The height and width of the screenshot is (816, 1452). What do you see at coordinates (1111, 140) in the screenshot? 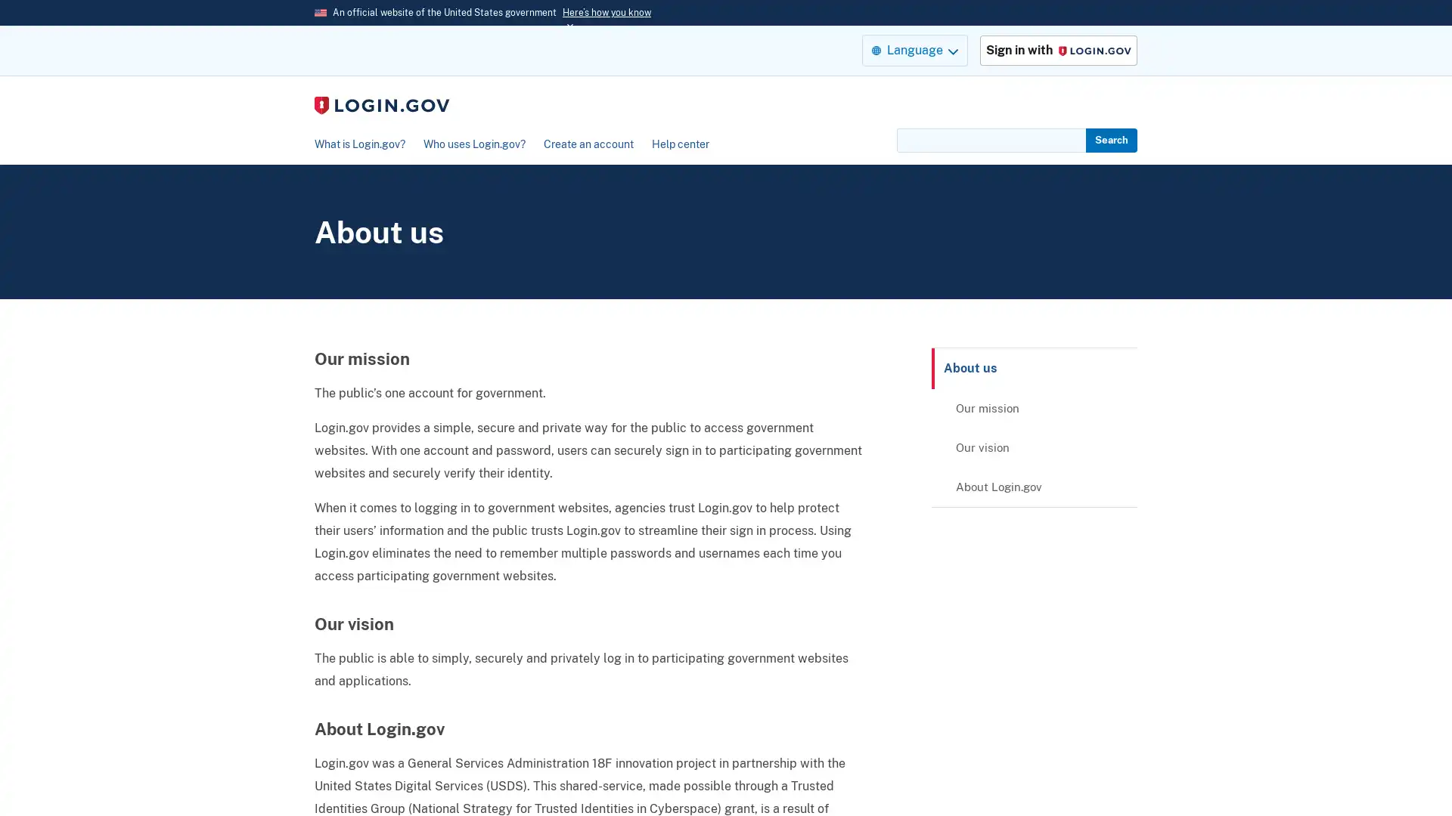
I see `Search` at bounding box center [1111, 140].